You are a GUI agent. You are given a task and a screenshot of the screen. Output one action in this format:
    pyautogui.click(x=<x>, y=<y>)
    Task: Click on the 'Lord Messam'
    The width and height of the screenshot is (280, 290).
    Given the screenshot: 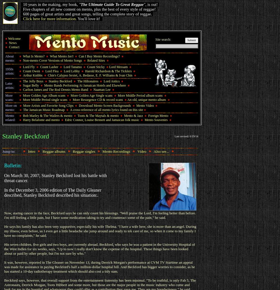 What is the action you would take?
    pyautogui.click(x=118, y=67)
    